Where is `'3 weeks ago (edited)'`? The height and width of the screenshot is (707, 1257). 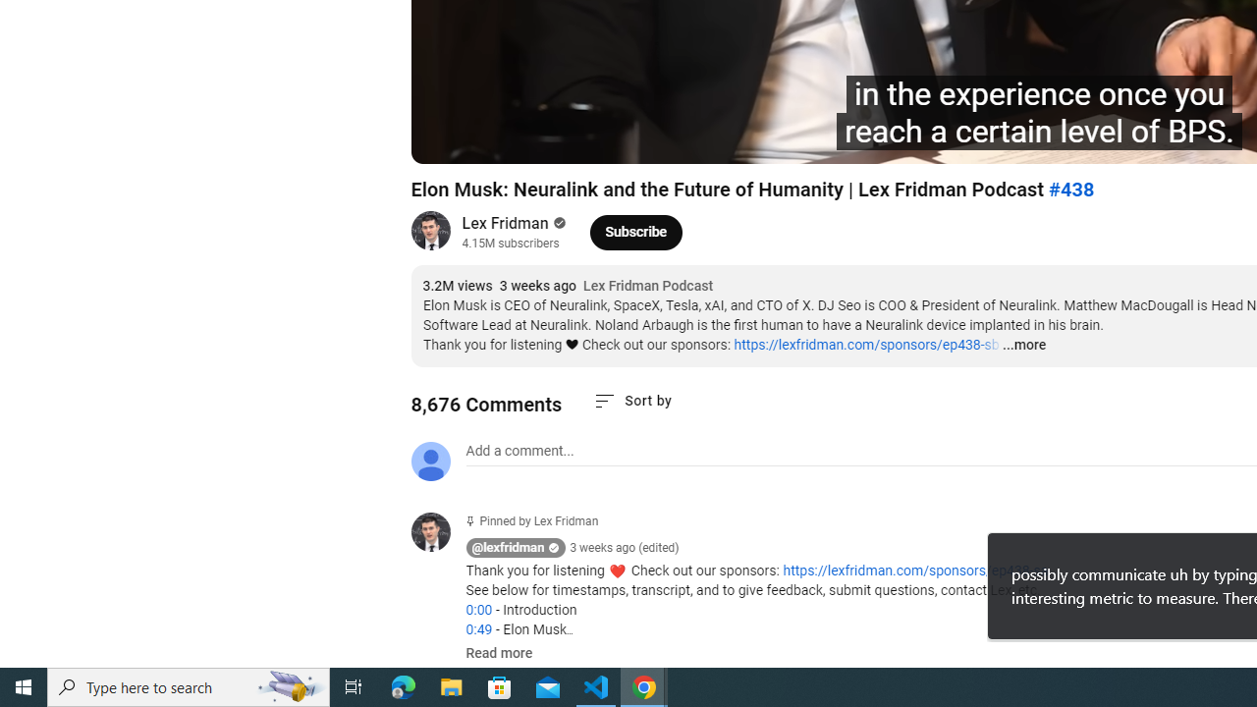 '3 weeks ago (edited)' is located at coordinates (624, 548).